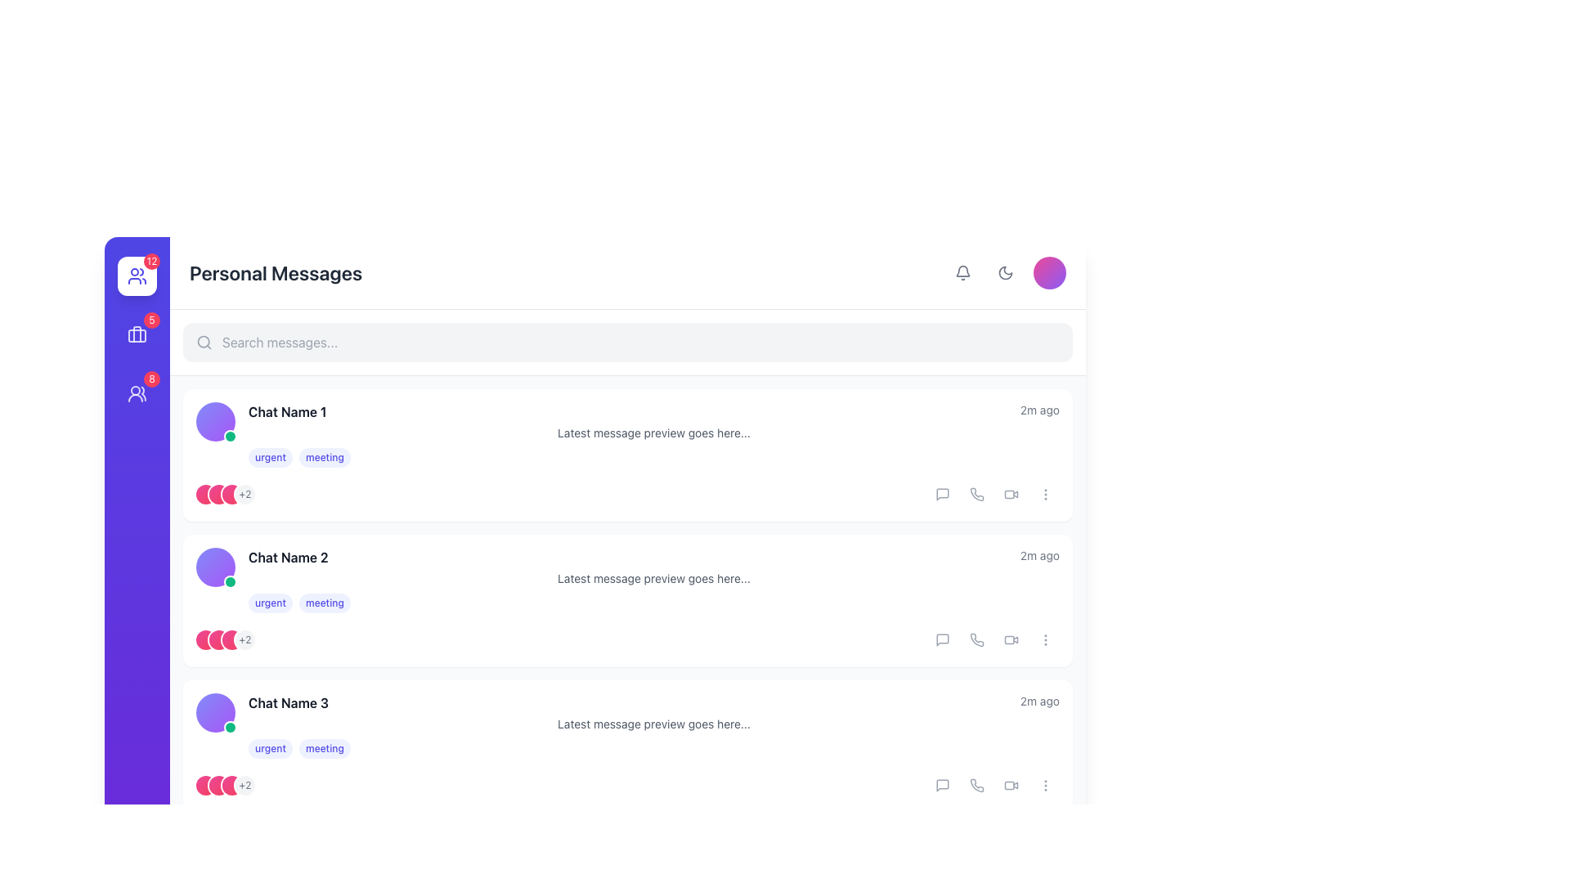  What do you see at coordinates (215, 567) in the screenshot?
I see `the Avatar-like UI component with a badge for 'Chat Name 2'` at bounding box center [215, 567].